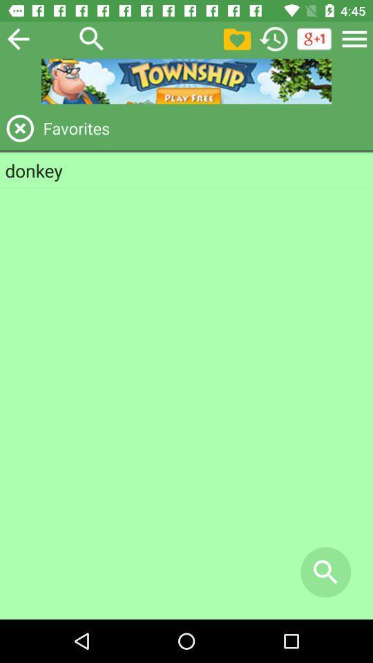  I want to click on exit favorites, so click(19, 128).